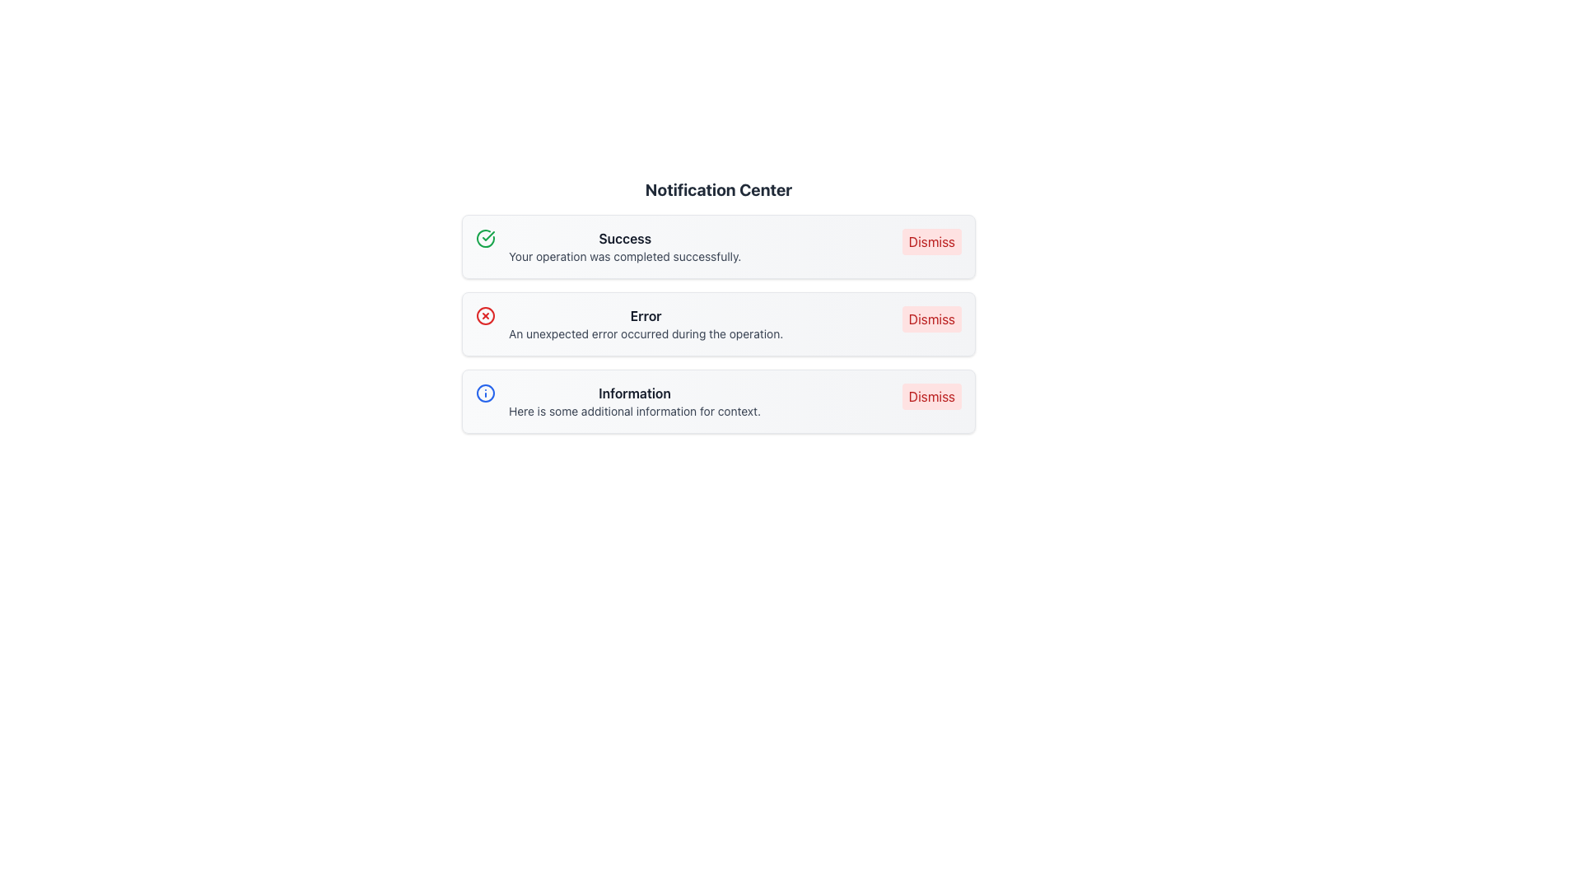  I want to click on header text that serves as the title for the notification area, providing context to the notifications below it, so click(719, 189).